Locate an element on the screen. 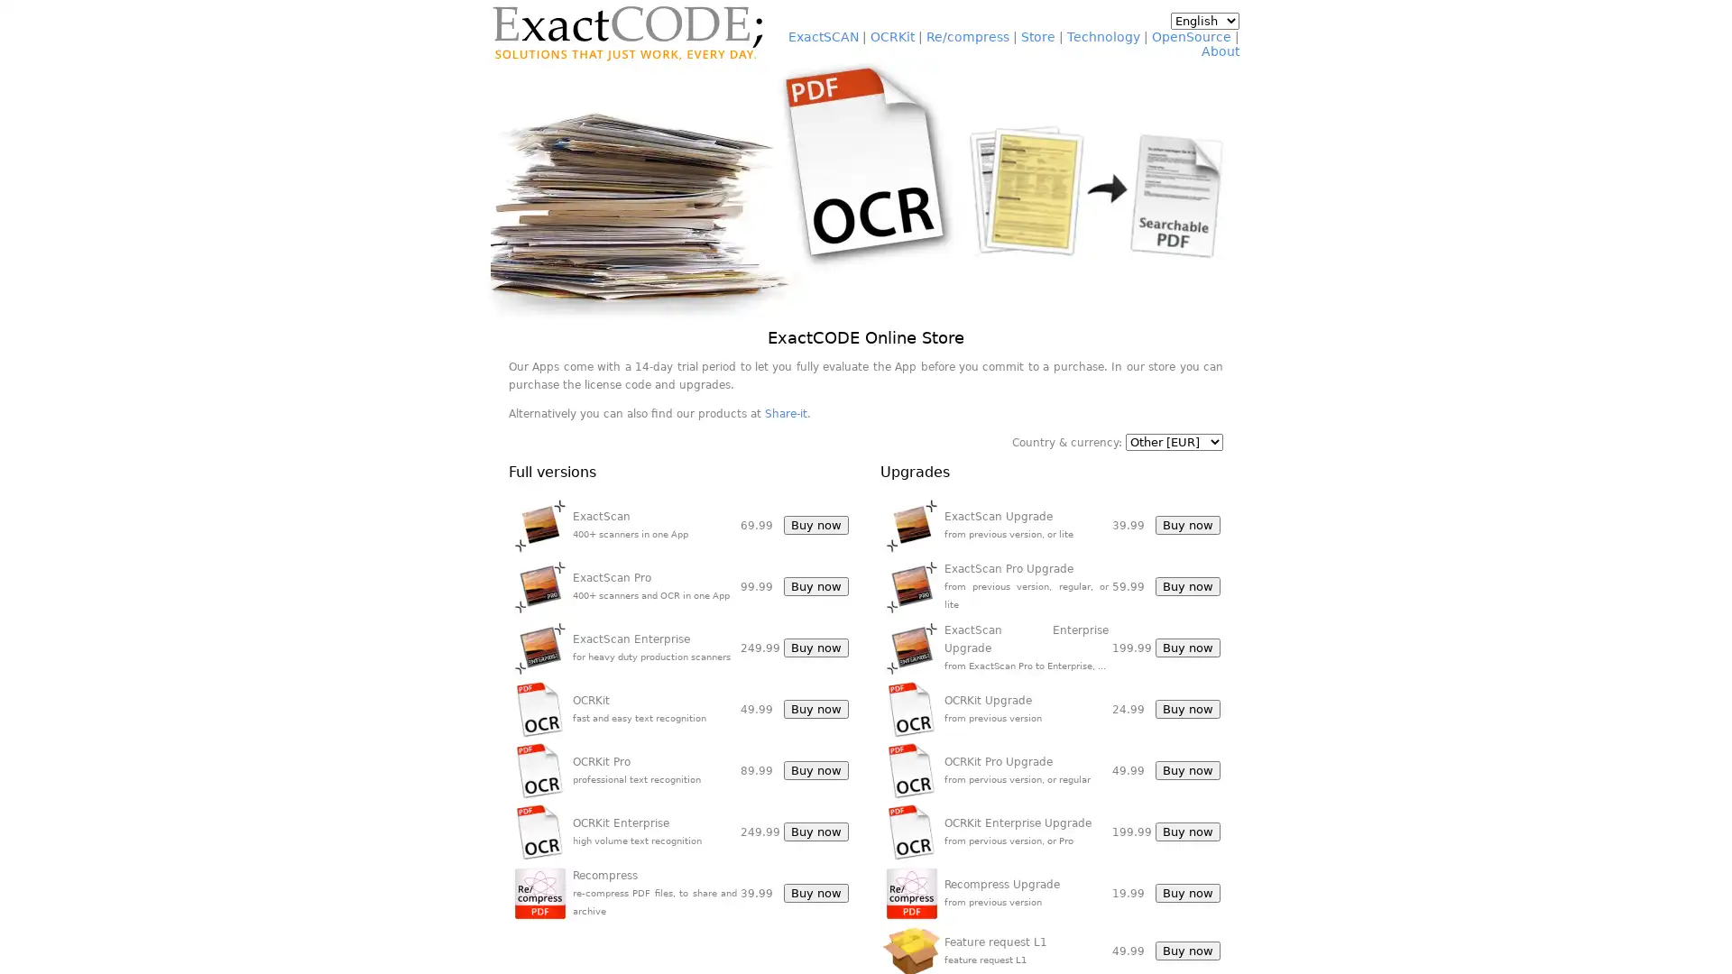 Image resolution: width=1732 pixels, height=974 pixels. Buy now is located at coordinates (1186, 647).